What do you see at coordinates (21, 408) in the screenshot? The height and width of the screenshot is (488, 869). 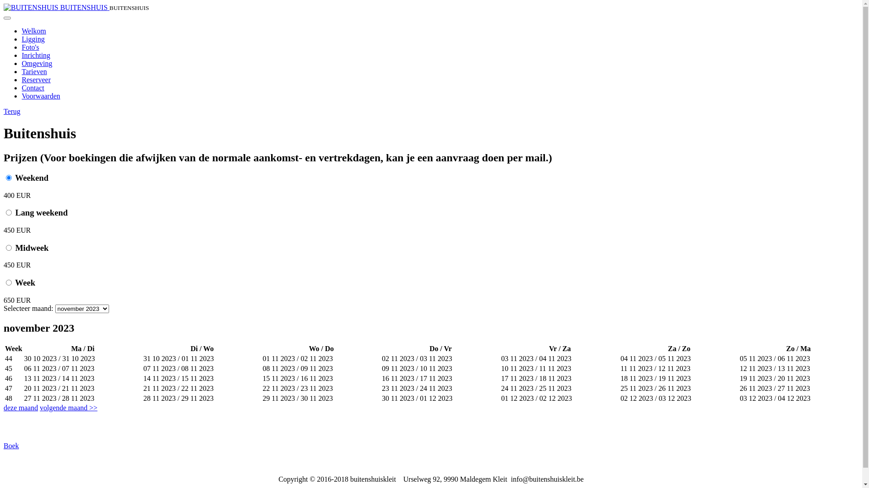 I see `'deze maand'` at bounding box center [21, 408].